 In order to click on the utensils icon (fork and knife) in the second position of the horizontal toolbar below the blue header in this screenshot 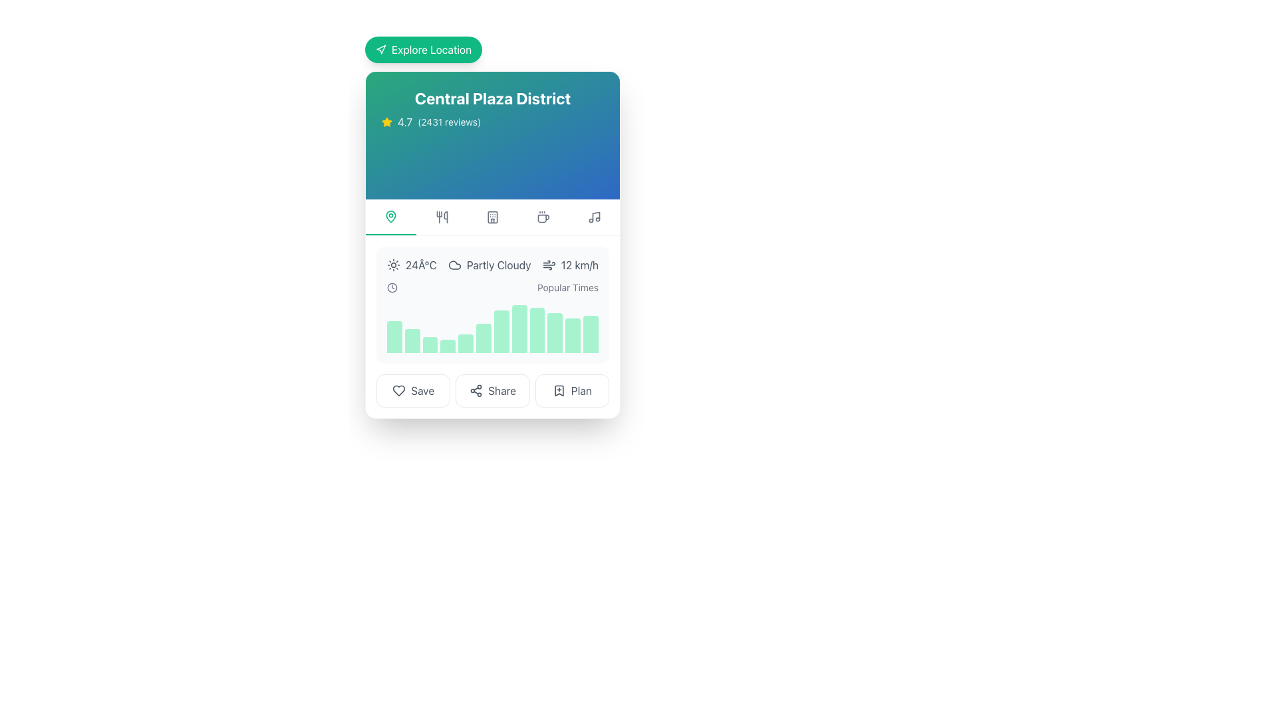, I will do `click(442, 217)`.